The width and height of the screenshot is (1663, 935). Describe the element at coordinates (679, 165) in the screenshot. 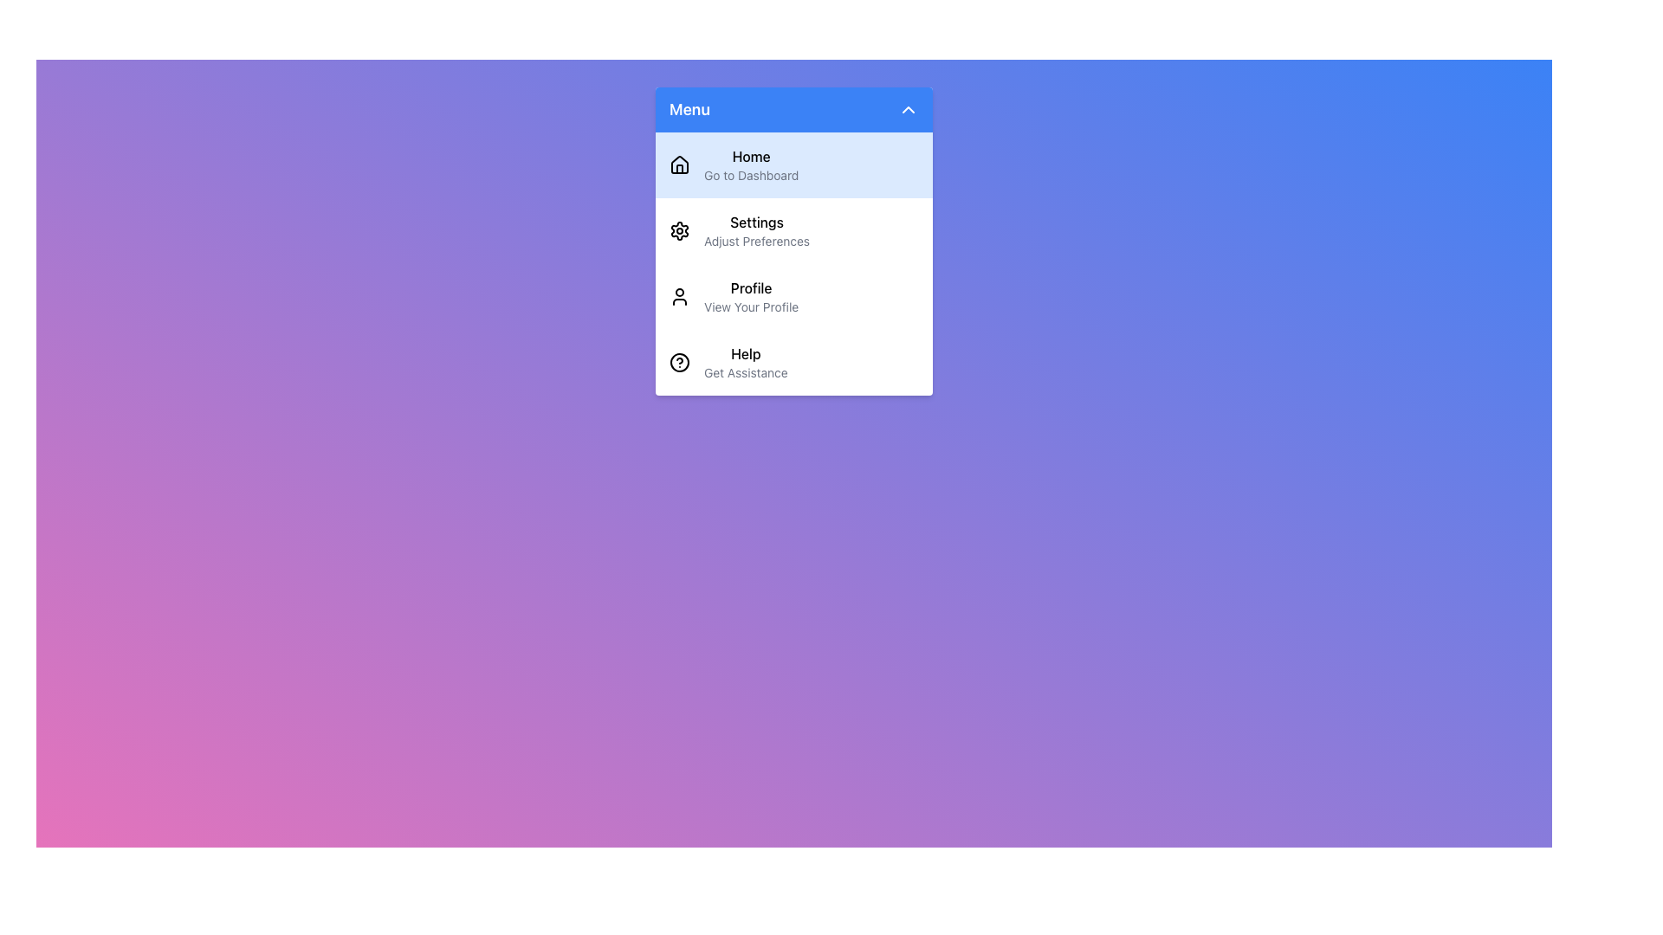

I see `the decorative 'Home' icon located at the leftmost position in the menu to visually indicate the 'Home' section` at that location.